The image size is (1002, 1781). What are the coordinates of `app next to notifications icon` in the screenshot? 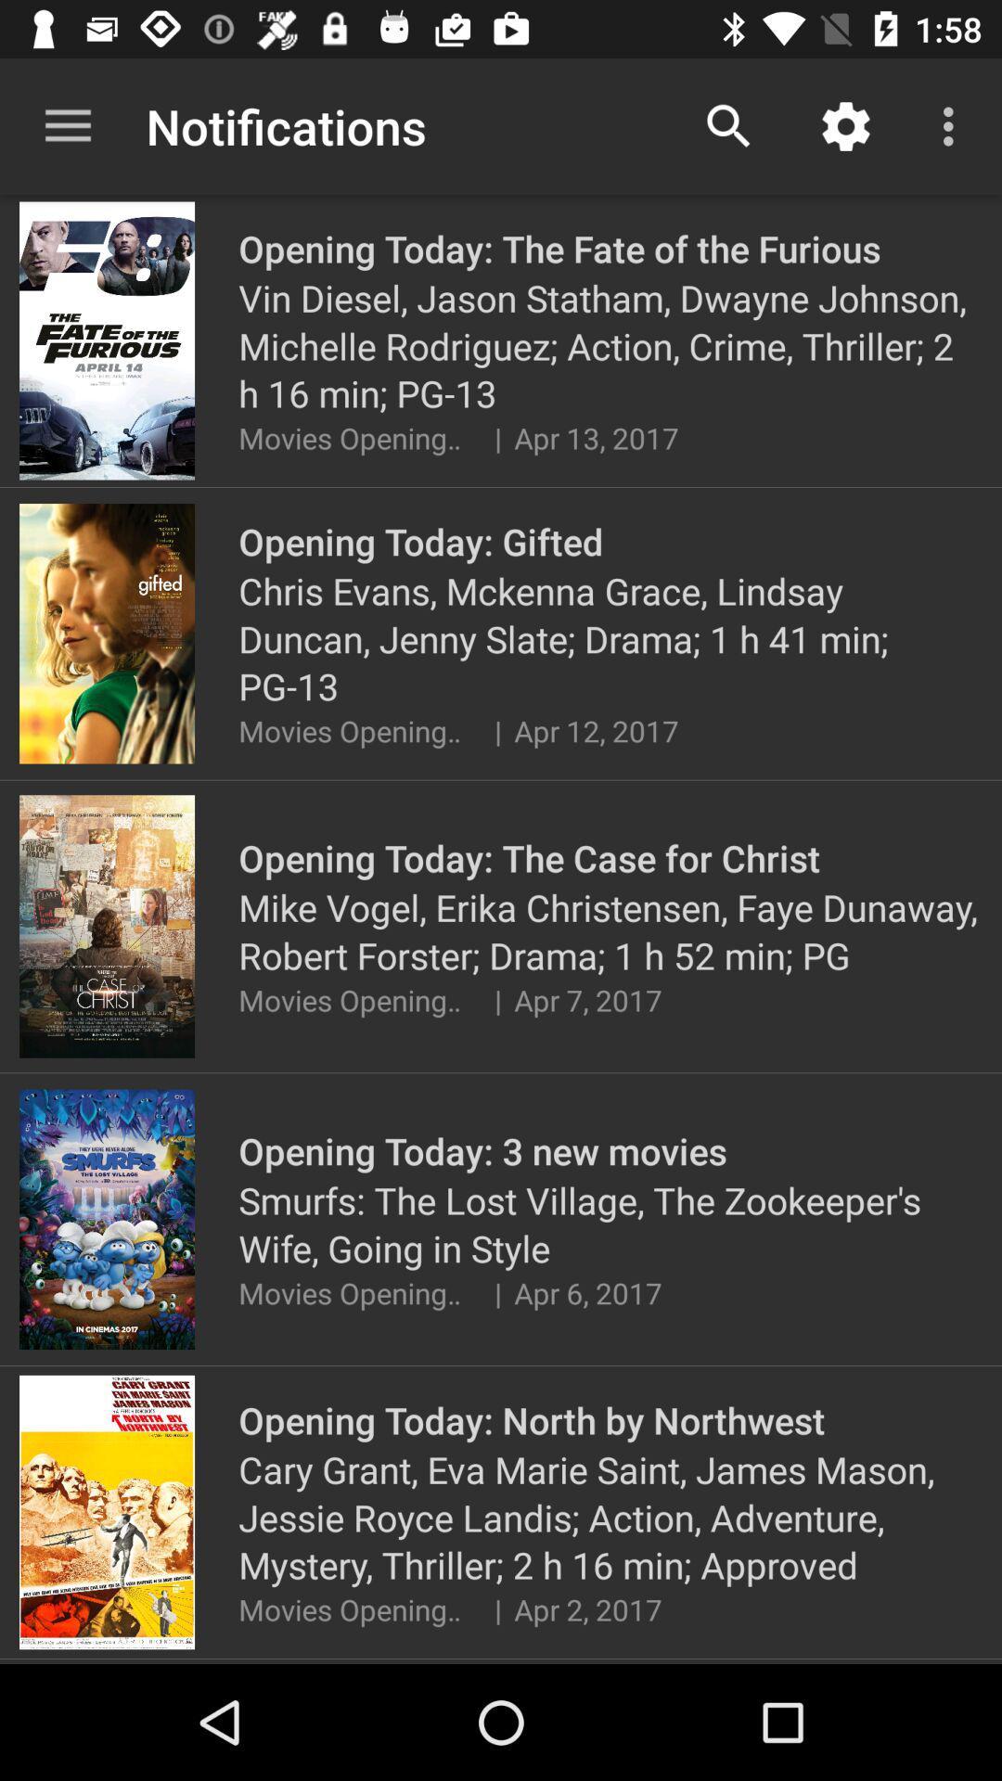 It's located at (67, 125).